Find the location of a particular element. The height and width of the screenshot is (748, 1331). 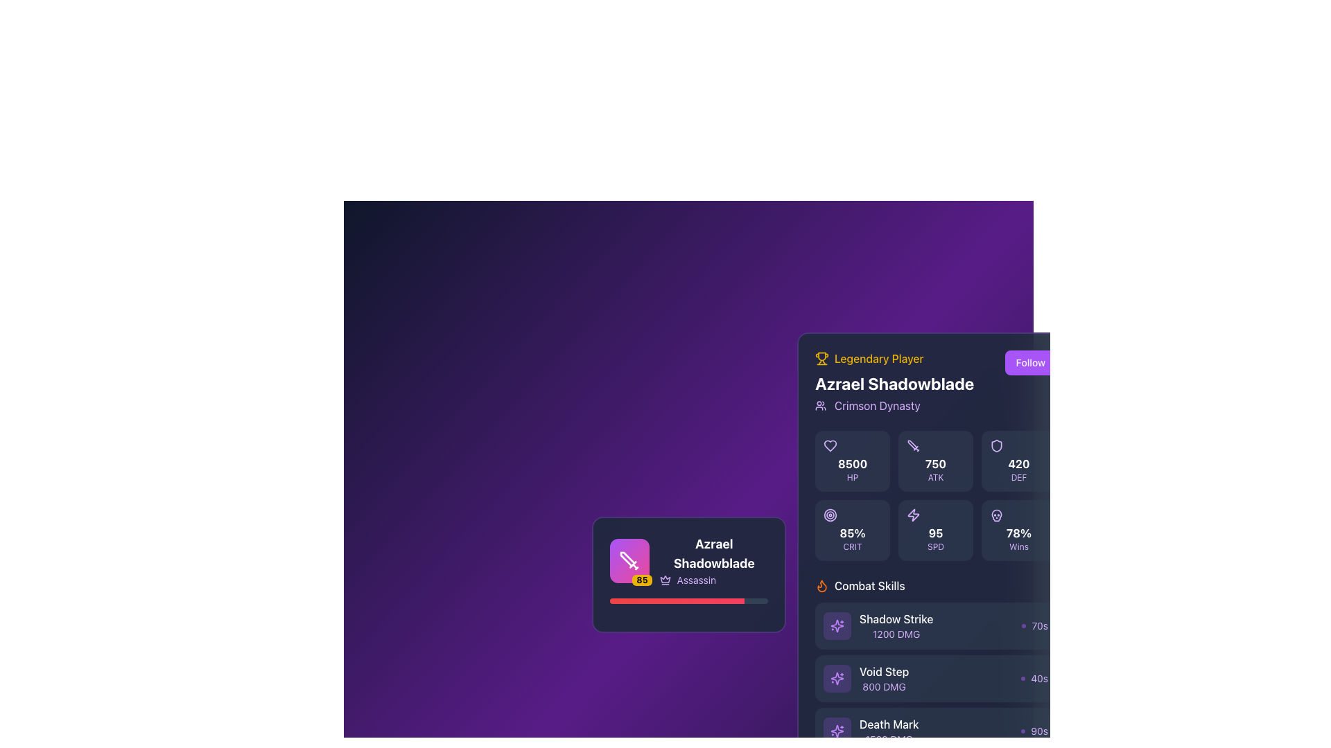

text label 'Assassin' which is a distinct purple color and positioned to the right of a small crown icon within a tooltip-like widget is located at coordinates (696, 580).